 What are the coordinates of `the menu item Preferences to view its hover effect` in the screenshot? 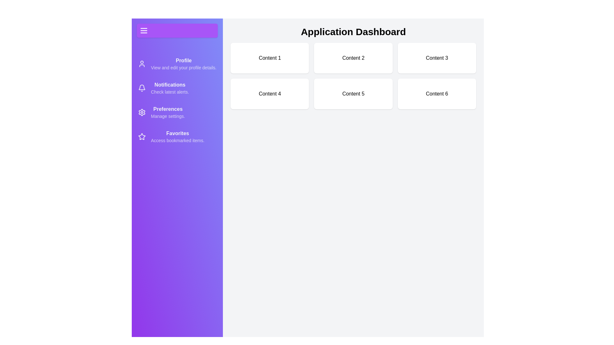 It's located at (177, 112).